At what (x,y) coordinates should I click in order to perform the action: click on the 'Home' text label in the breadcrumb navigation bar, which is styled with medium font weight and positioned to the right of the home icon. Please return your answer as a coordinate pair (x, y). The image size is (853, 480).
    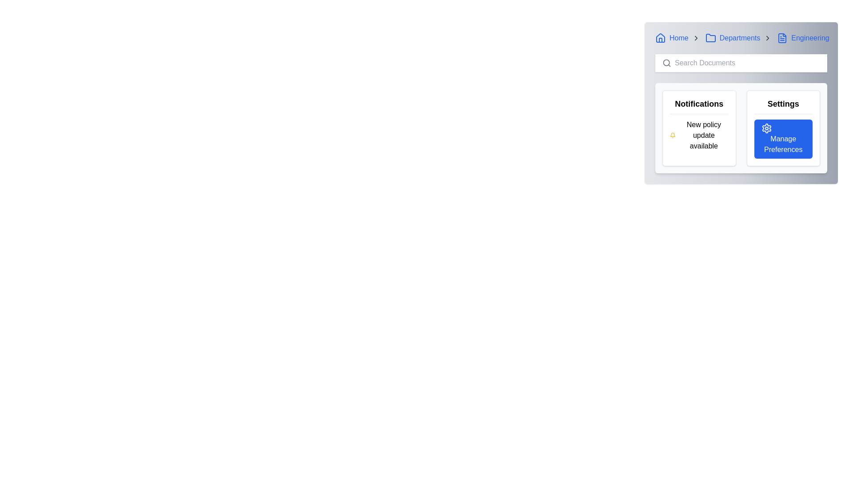
    Looking at the image, I should click on (678, 37).